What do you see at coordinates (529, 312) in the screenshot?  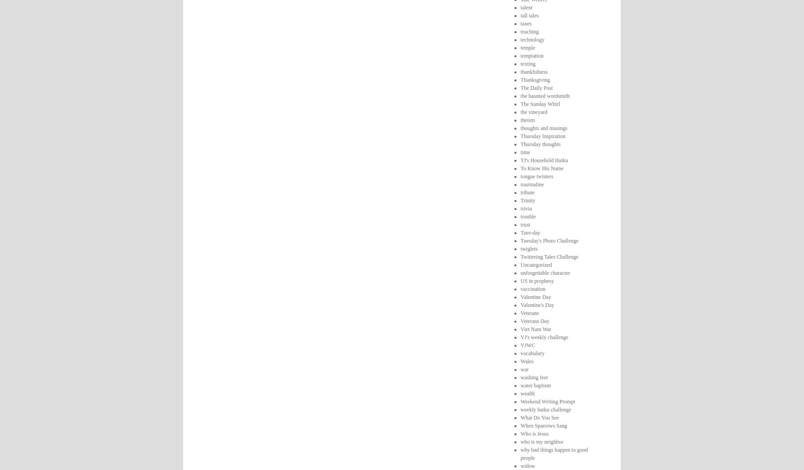 I see `'Veterans'` at bounding box center [529, 312].